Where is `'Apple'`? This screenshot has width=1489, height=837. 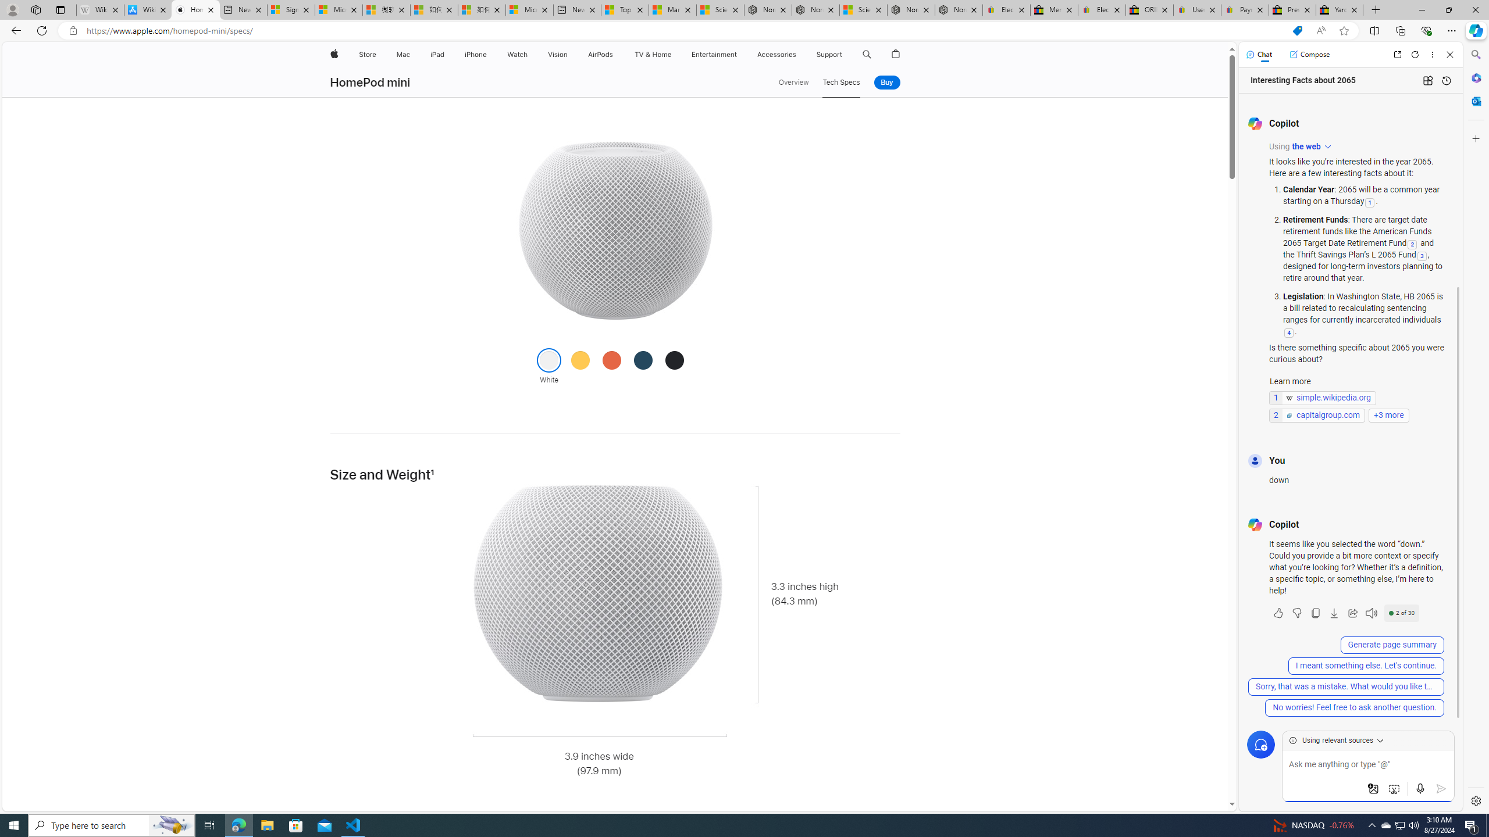
'Apple' is located at coordinates (333, 54).